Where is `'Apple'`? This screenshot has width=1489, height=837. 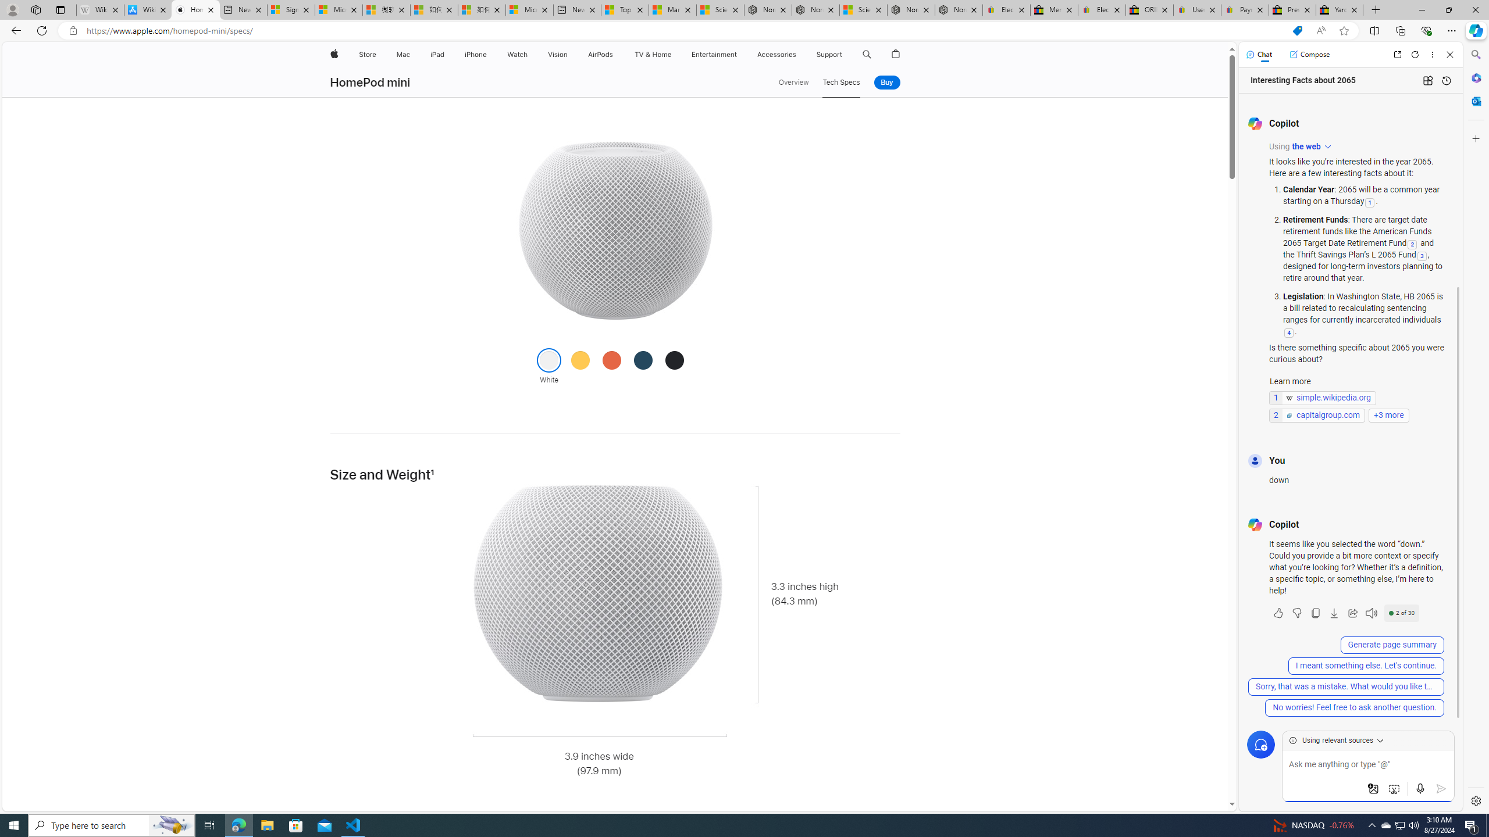
'Apple' is located at coordinates (333, 54).